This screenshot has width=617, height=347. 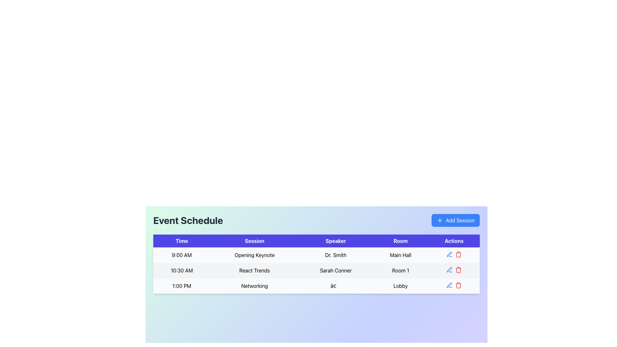 I want to click on the 'Room' label, which is a rectangular label with bold white text on a purple background, located in the header section of a grid layout between the 'Speaker' and 'Actions' labels, so click(x=400, y=241).